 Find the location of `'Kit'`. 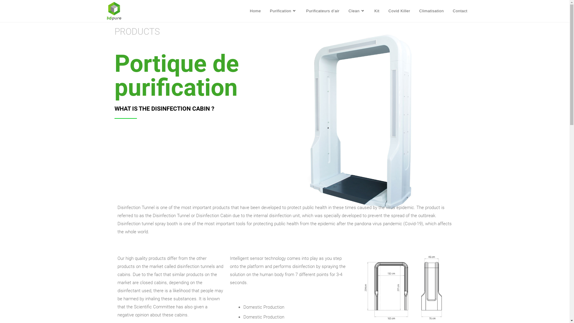

'Kit' is located at coordinates (376, 11).